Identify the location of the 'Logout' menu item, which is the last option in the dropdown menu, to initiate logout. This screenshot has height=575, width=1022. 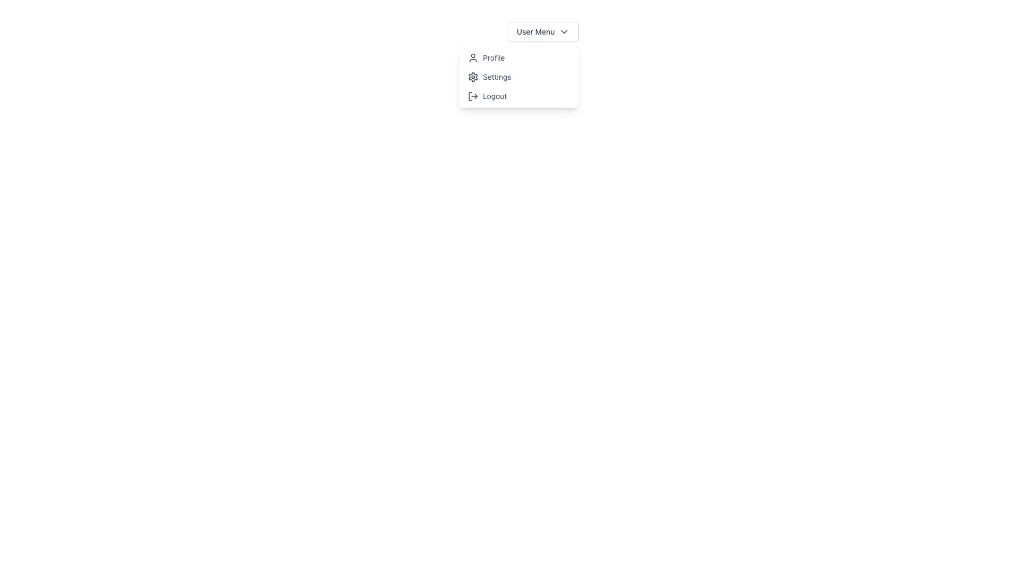
(518, 96).